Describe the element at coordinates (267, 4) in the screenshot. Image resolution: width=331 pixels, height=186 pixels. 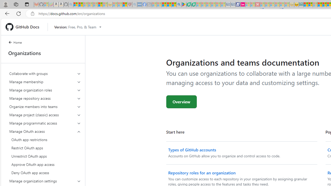
I see `'14 Common Myths Debunked By Scientific Facts - Sleeping'` at that location.